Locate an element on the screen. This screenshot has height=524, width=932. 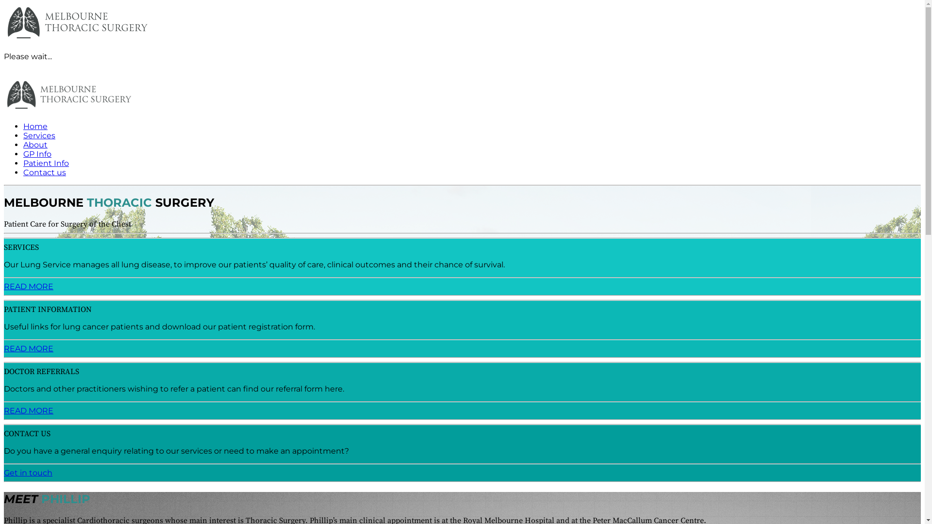
'READ MORE' is located at coordinates (28, 286).